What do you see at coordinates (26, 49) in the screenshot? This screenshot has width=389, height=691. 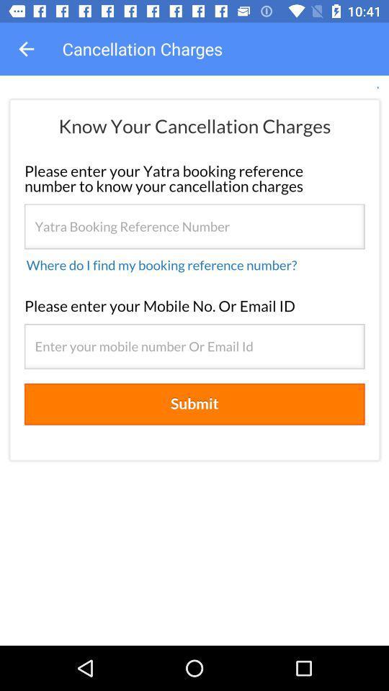 I see `back` at bounding box center [26, 49].